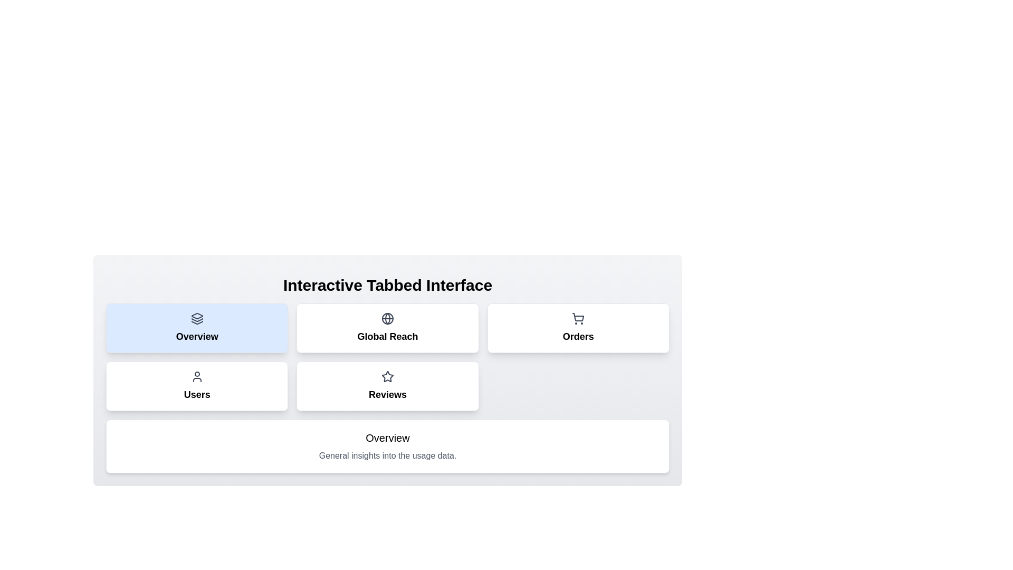  I want to click on the tab labeled Orders, so click(578, 327).